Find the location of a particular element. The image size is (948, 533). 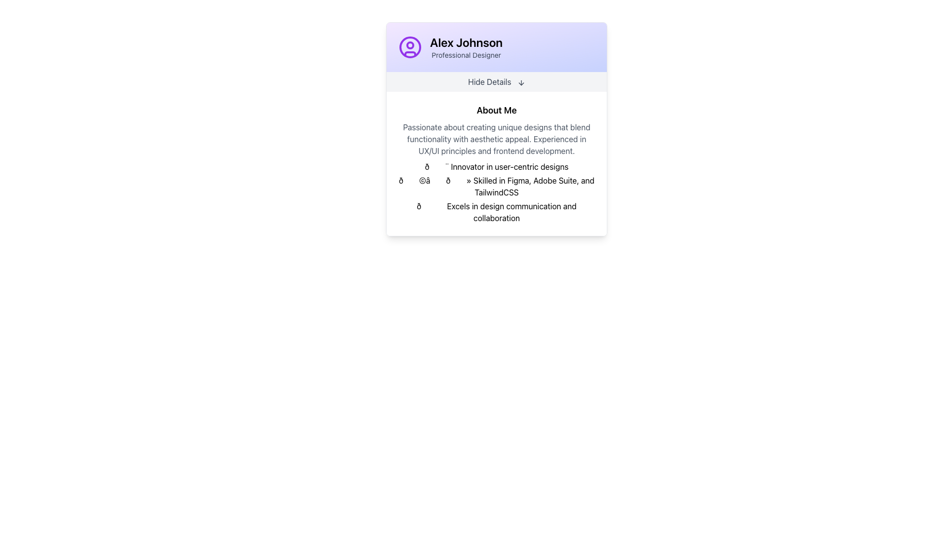

the Text Label displaying 'Alex Johnson' and 'Professional Designer', which is prominently styled and located within a profile card near the top section is located at coordinates (466, 47).